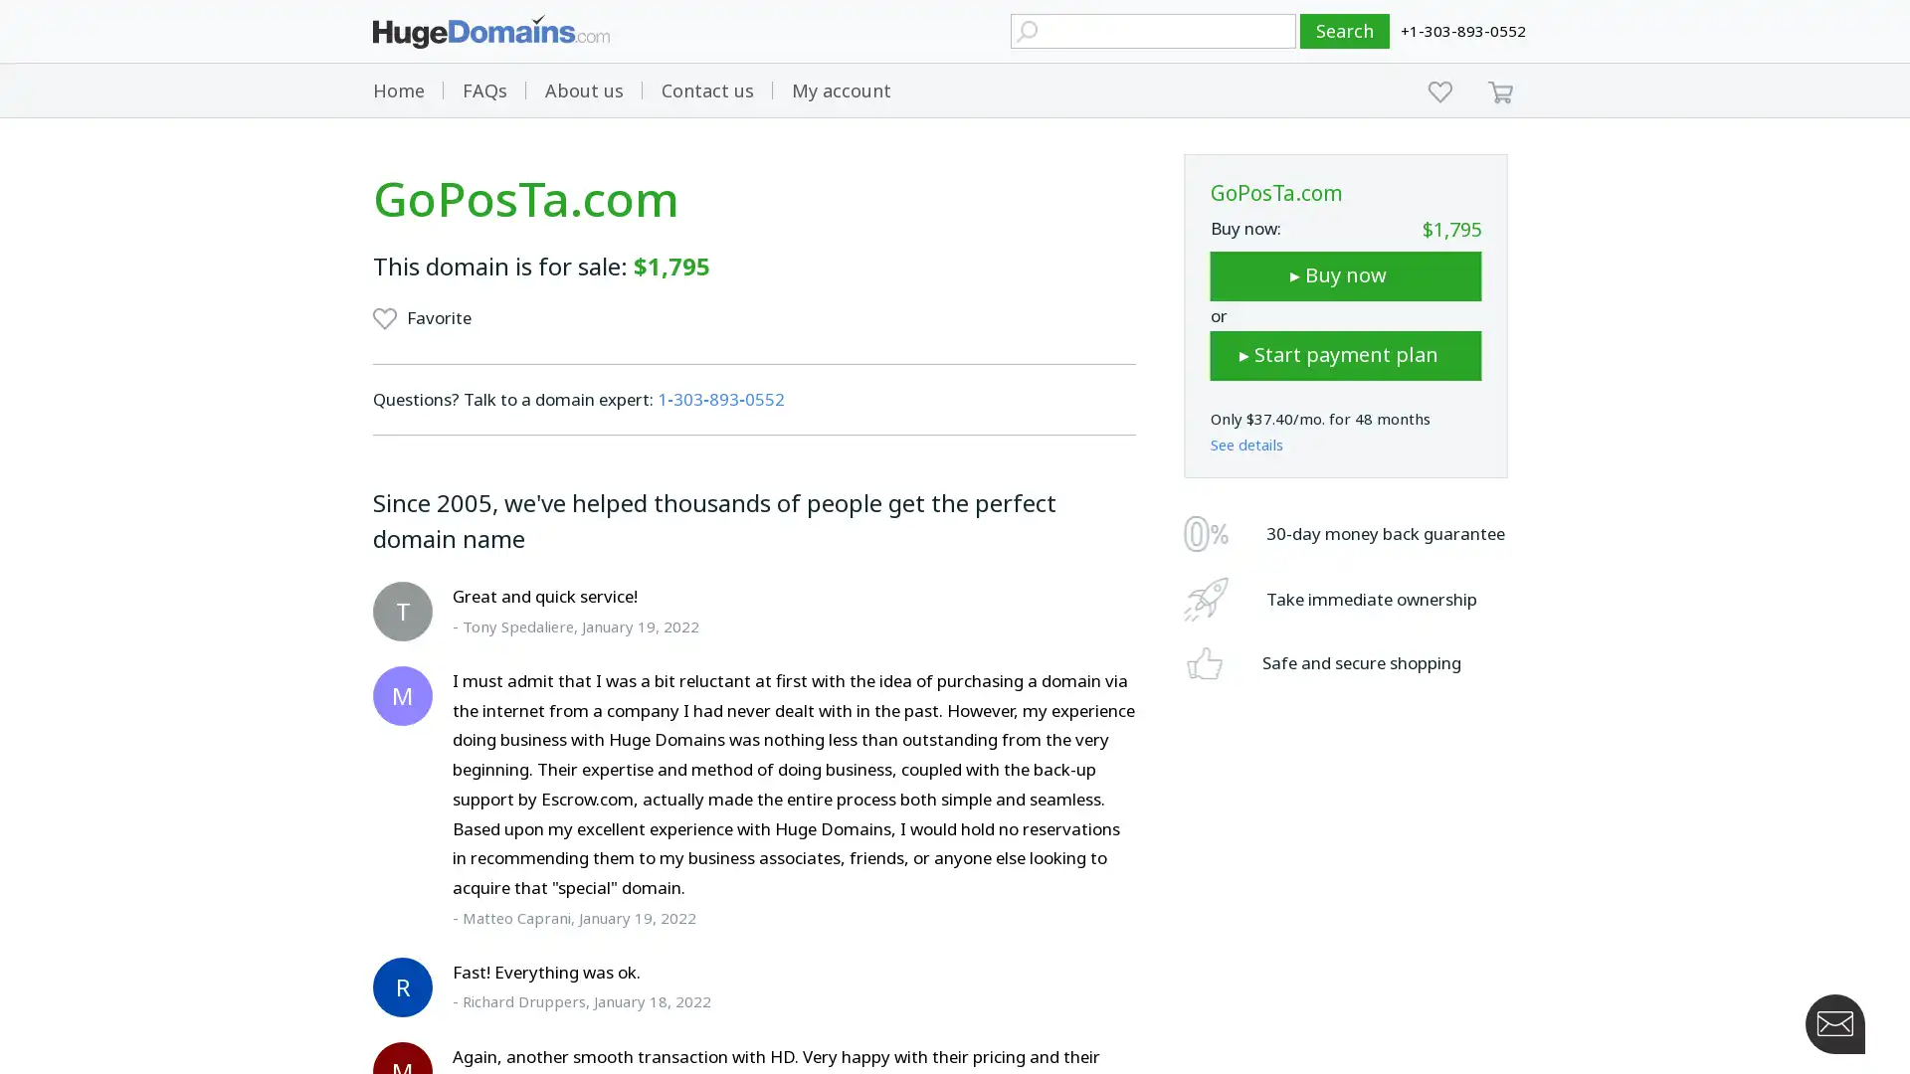 The width and height of the screenshot is (1910, 1074). What do you see at coordinates (1345, 31) in the screenshot?
I see `Search` at bounding box center [1345, 31].